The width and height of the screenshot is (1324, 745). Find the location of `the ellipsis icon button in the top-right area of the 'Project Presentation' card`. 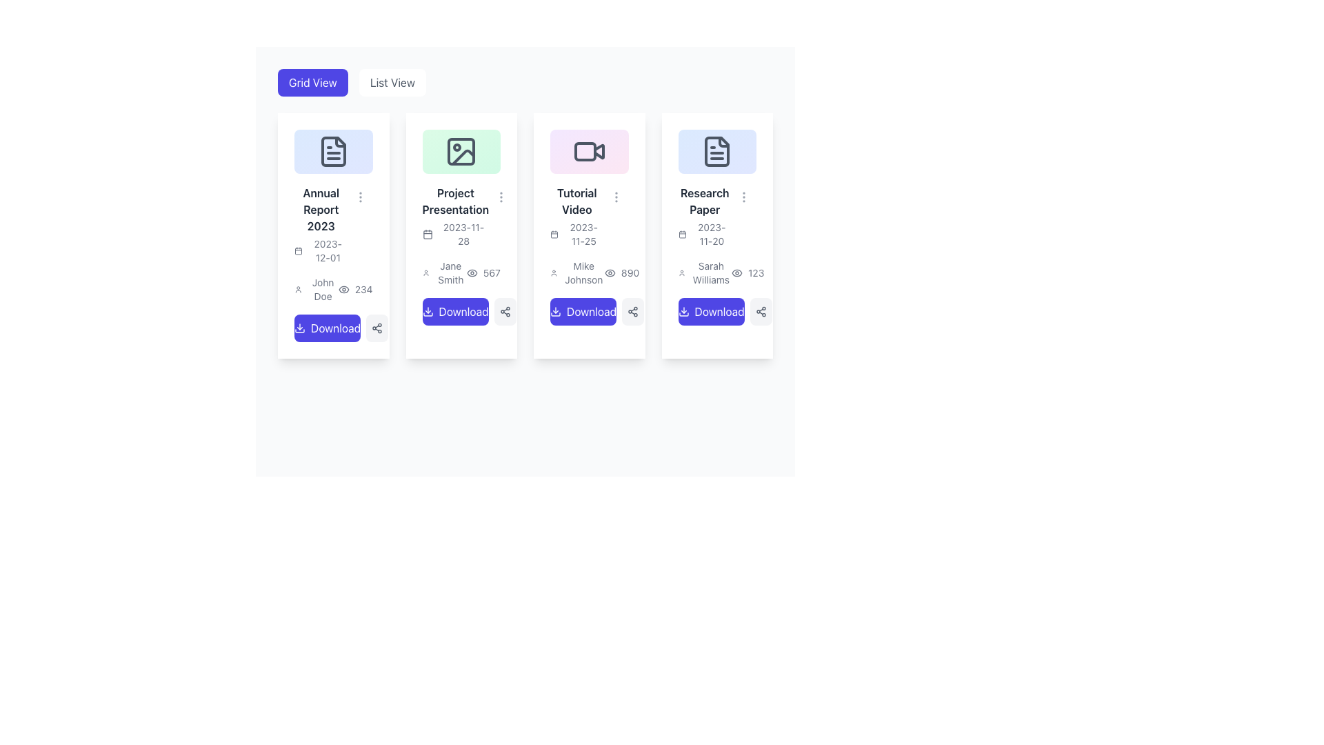

the ellipsis icon button in the top-right area of the 'Project Presentation' card is located at coordinates (501, 197).